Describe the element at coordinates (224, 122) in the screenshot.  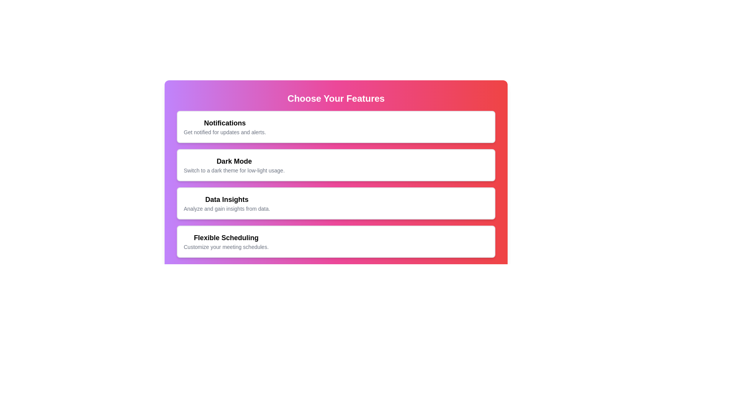
I see `the 'Notifications' header label` at that location.